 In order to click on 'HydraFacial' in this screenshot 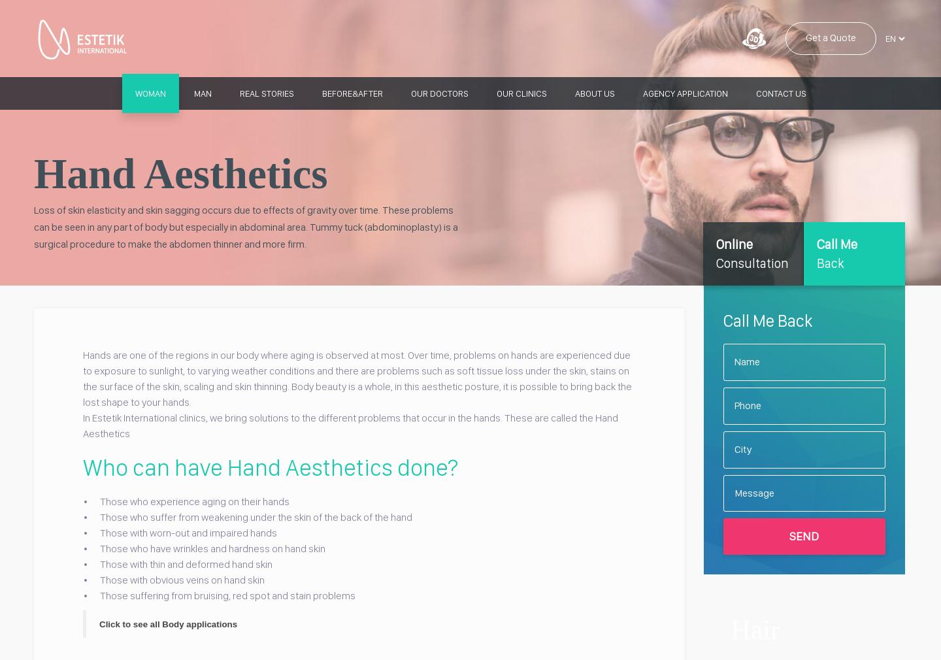, I will do `click(644, 267)`.